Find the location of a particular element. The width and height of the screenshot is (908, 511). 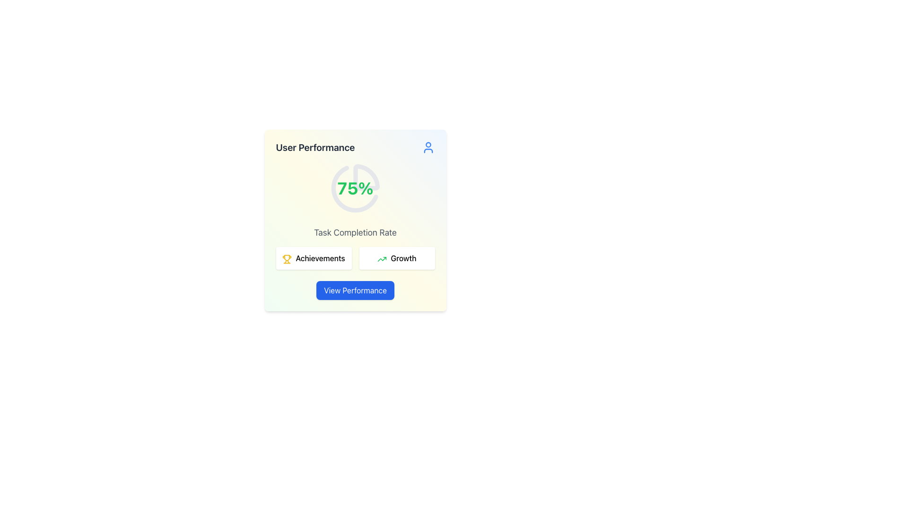

the 'Achievements' text label, which is displayed in a bold font style and is visually associated with a trophy icon on its left, centrally positioned within a white card with rounded corners is located at coordinates (320, 258).